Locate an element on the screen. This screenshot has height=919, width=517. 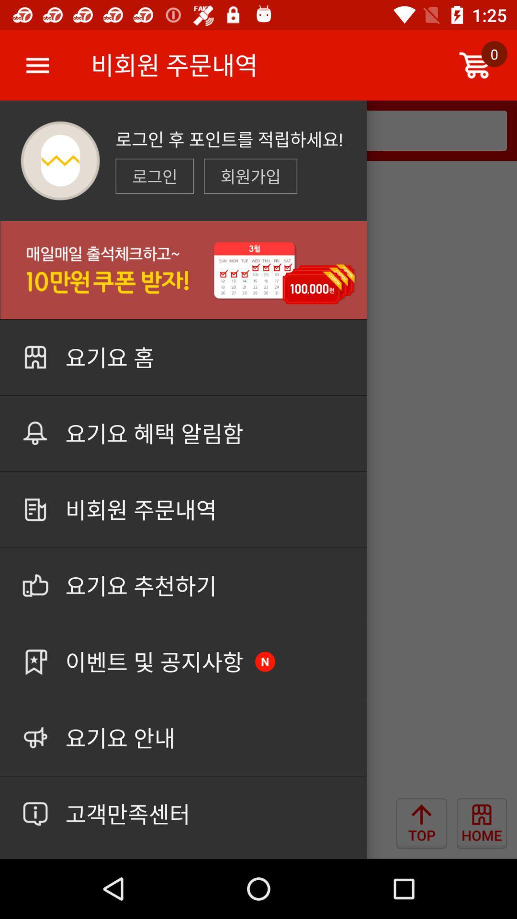
the logo which is in the top left corner of the page is located at coordinates (60, 161).